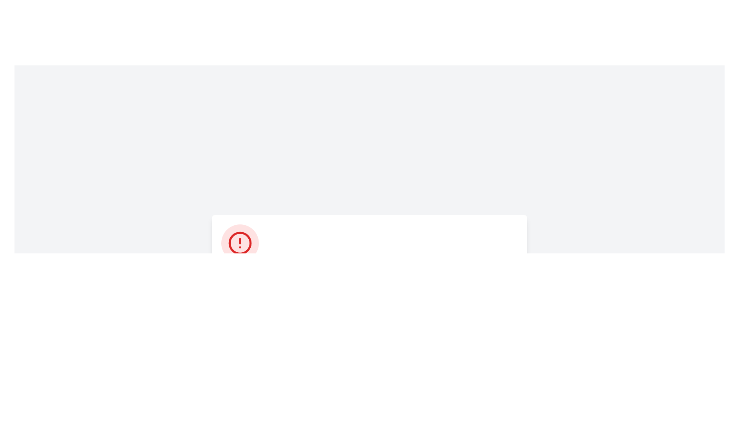 The image size is (752, 423). Describe the element at coordinates (240, 243) in the screenshot. I see `the circle element of the warning sign SVG graphic, which indicates an alert or error` at that location.